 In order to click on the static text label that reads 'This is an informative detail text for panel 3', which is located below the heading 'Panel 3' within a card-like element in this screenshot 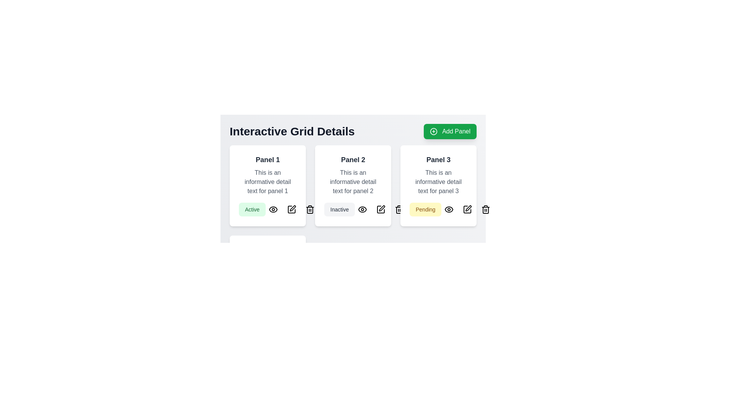, I will do `click(438, 182)`.